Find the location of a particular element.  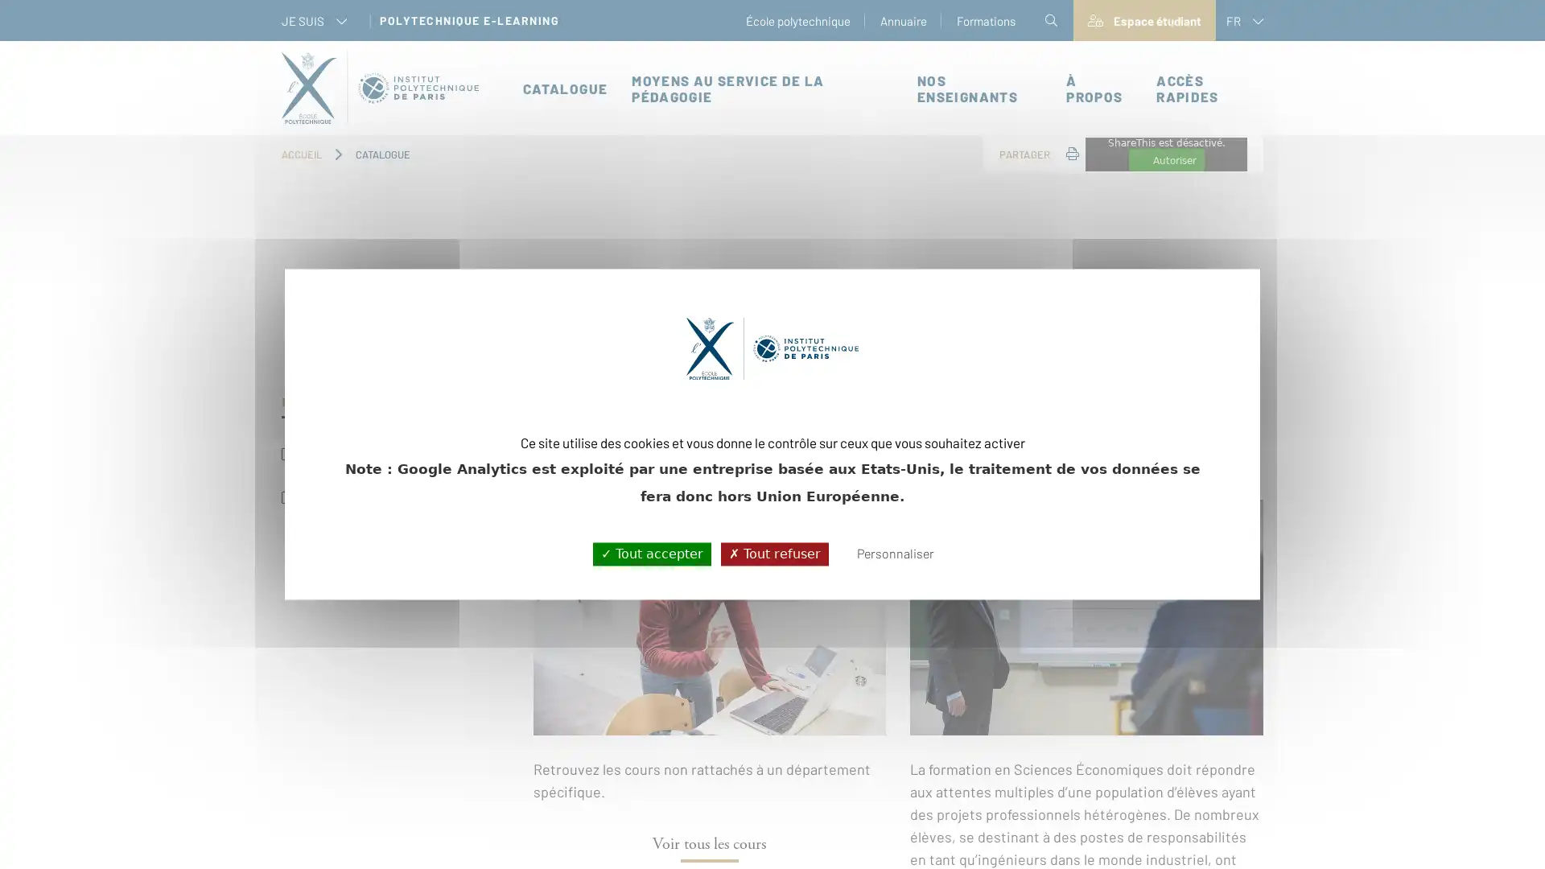

Tout refuser is located at coordinates (773, 553).